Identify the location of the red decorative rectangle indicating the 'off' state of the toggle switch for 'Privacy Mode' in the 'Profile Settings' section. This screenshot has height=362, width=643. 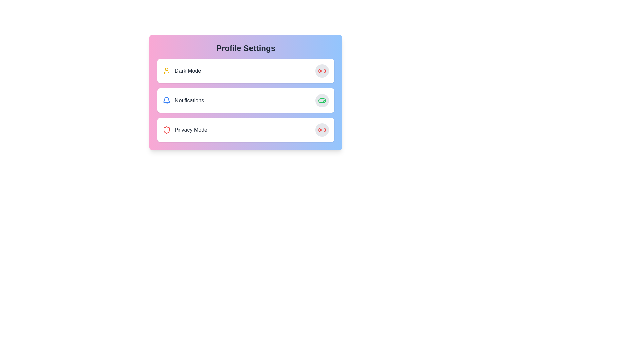
(322, 130).